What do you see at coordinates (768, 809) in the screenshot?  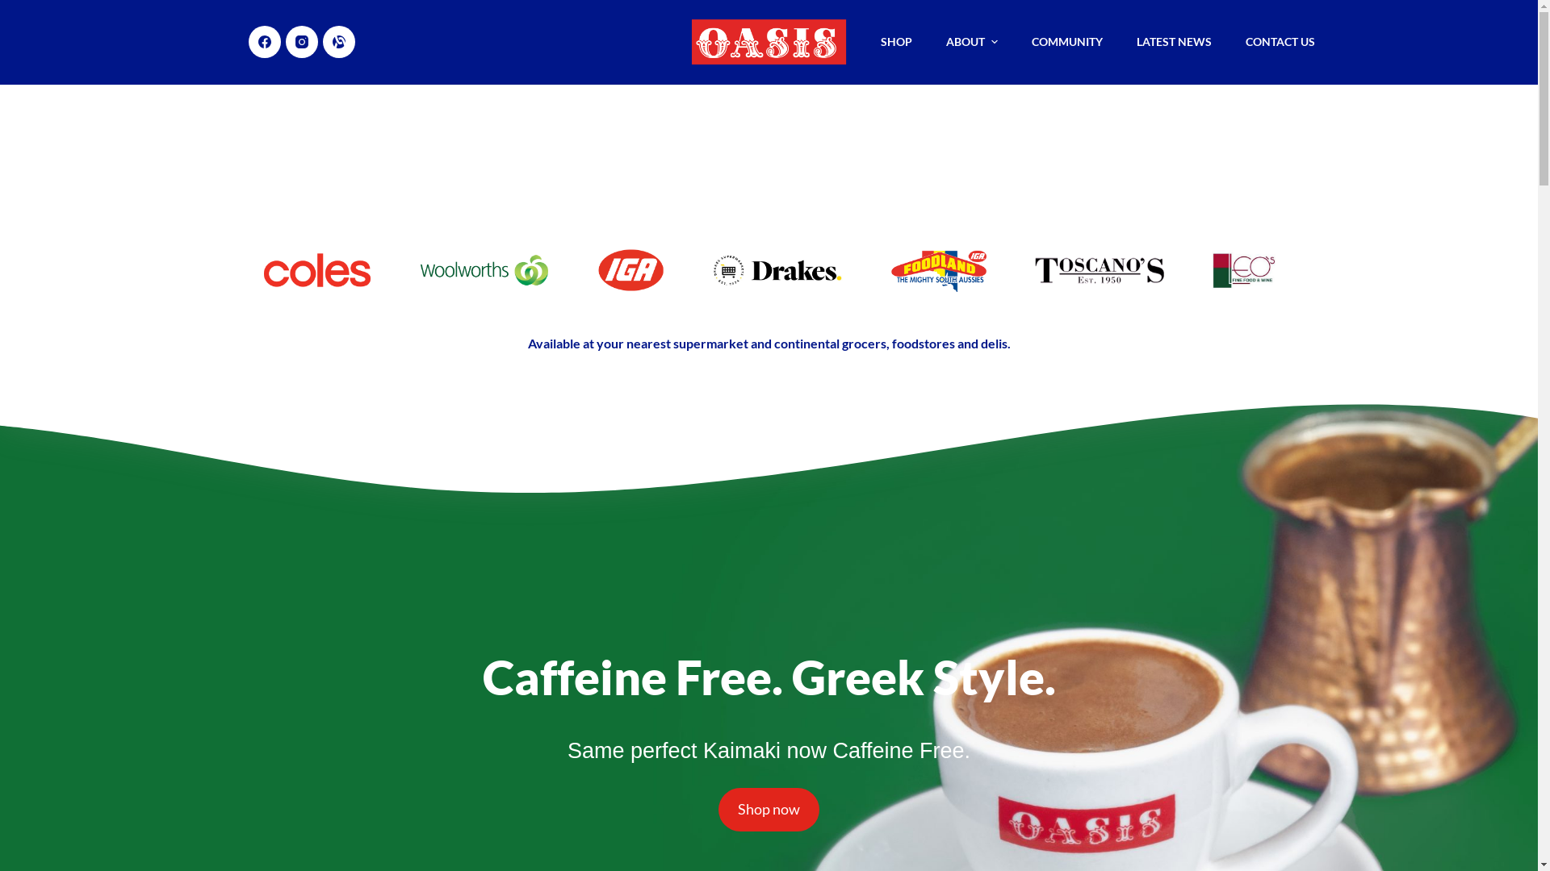 I see `'Shop now'` at bounding box center [768, 809].